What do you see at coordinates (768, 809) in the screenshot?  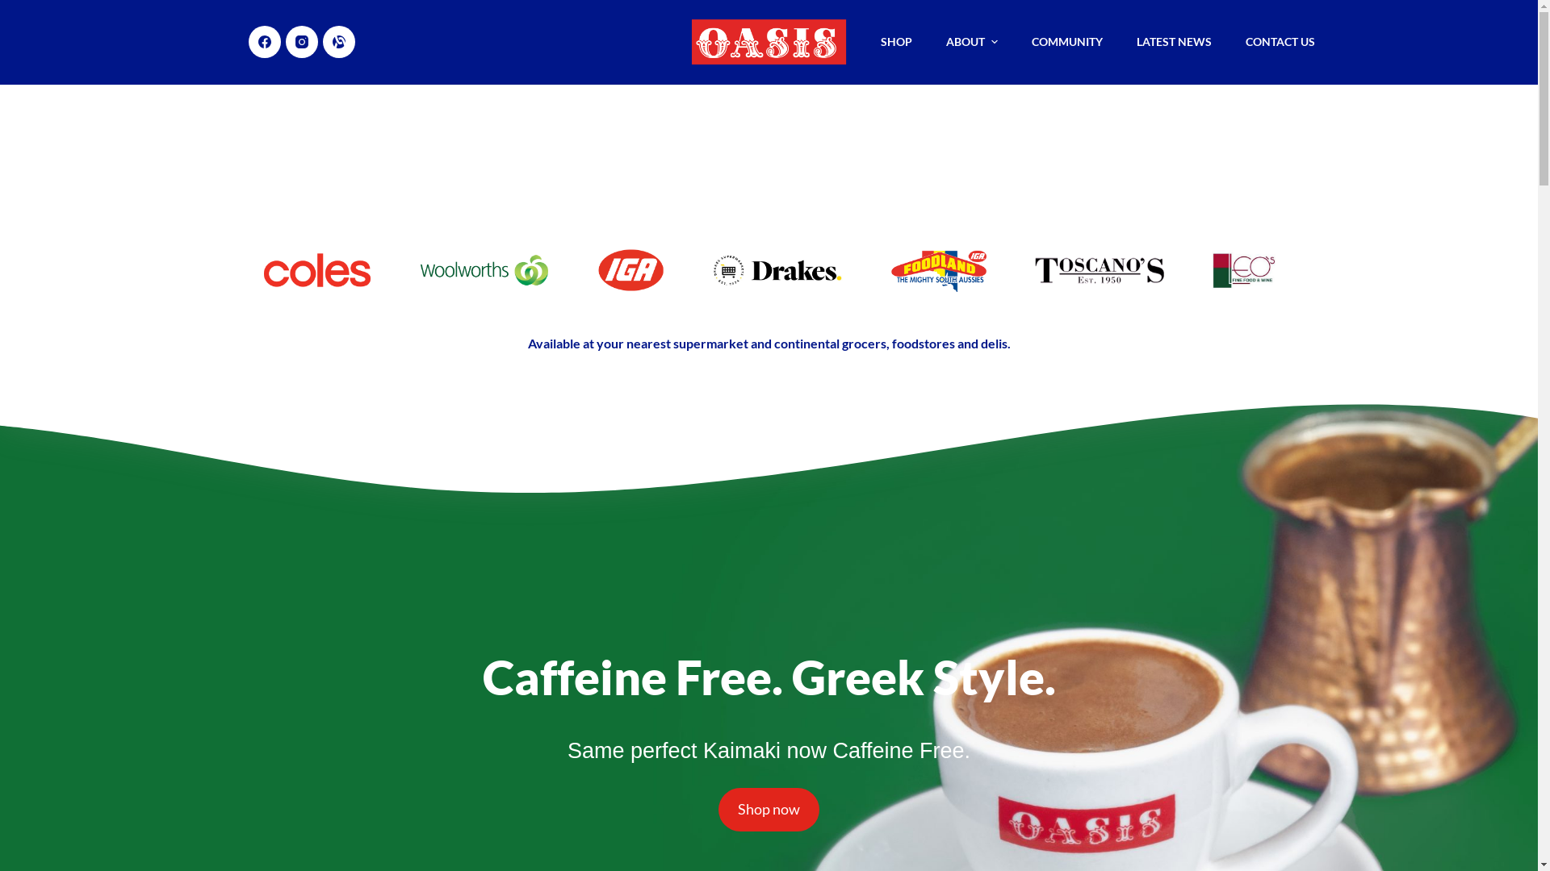 I see `'Shop now'` at bounding box center [768, 809].